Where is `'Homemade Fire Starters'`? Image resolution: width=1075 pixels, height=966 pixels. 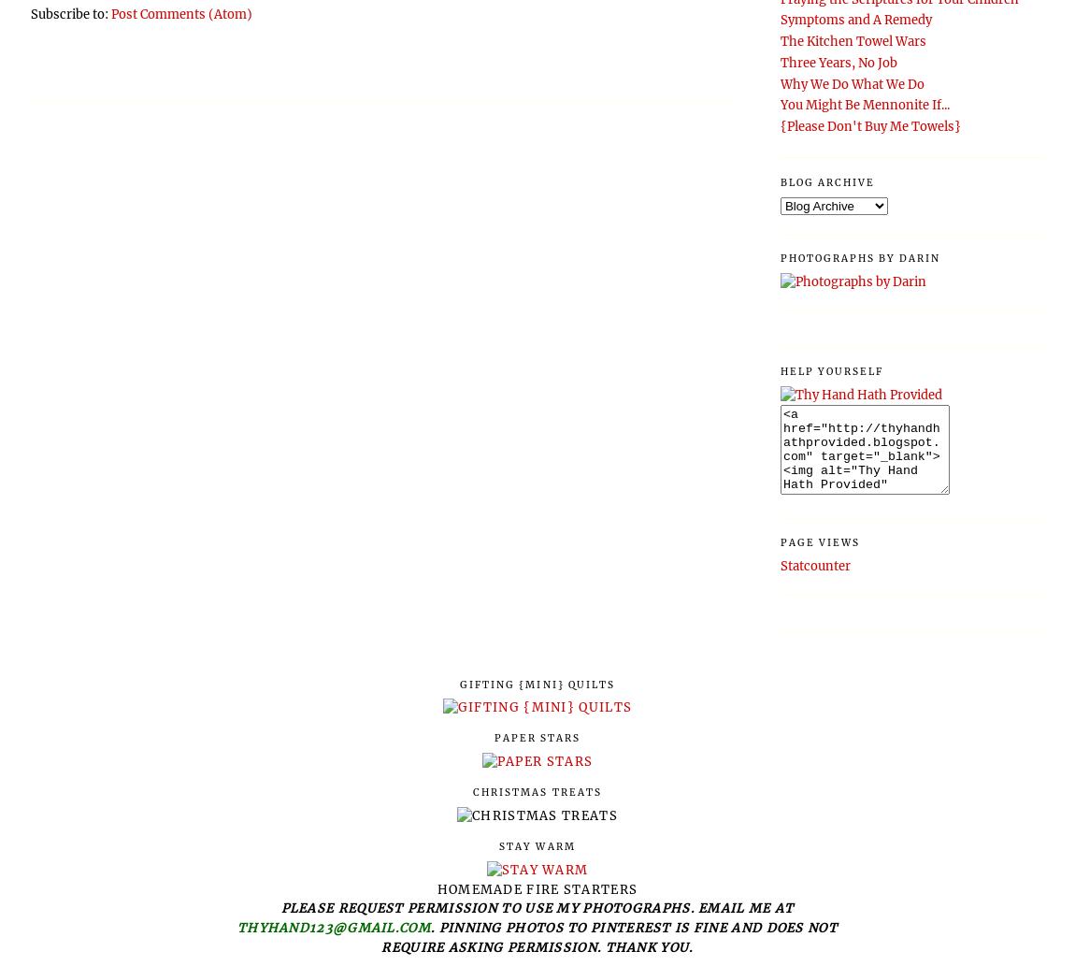 'Homemade Fire Starters' is located at coordinates (537, 887).